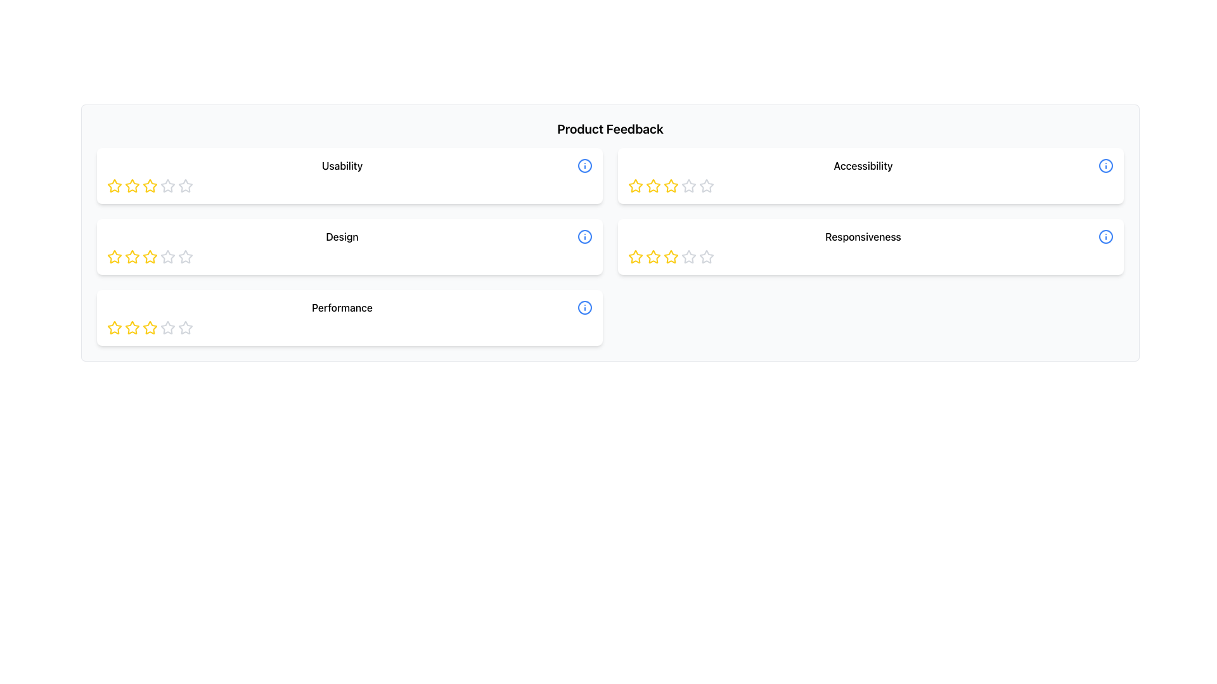 The height and width of the screenshot is (684, 1217). I want to click on the first star icon in the rating row for the 'Performance' category, so click(115, 327).